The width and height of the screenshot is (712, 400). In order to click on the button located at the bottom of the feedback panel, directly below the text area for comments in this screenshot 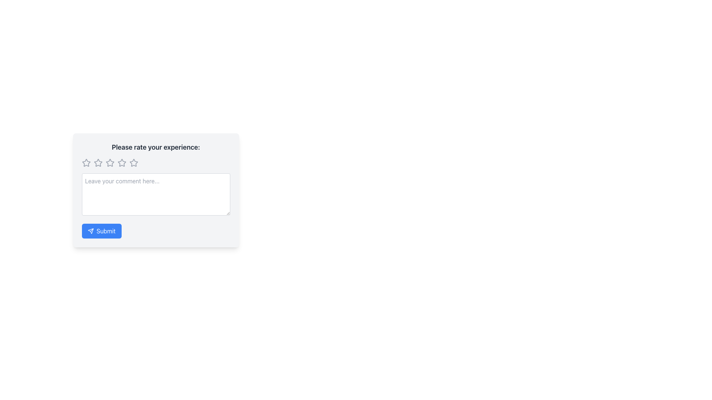, I will do `click(101, 231)`.